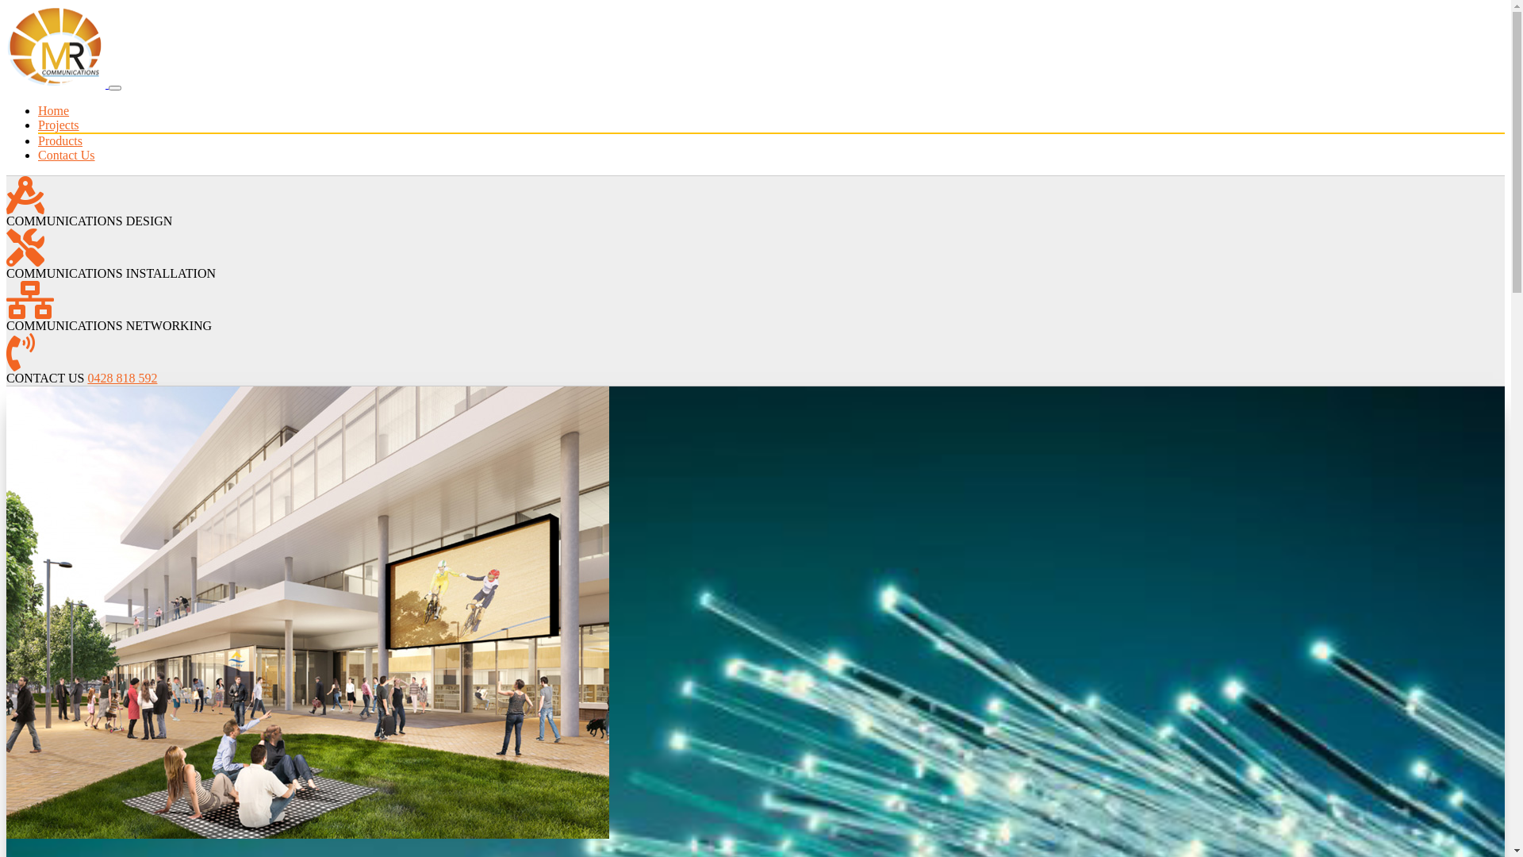  Describe the element at coordinates (121, 378) in the screenshot. I see `'0428 818 592'` at that location.